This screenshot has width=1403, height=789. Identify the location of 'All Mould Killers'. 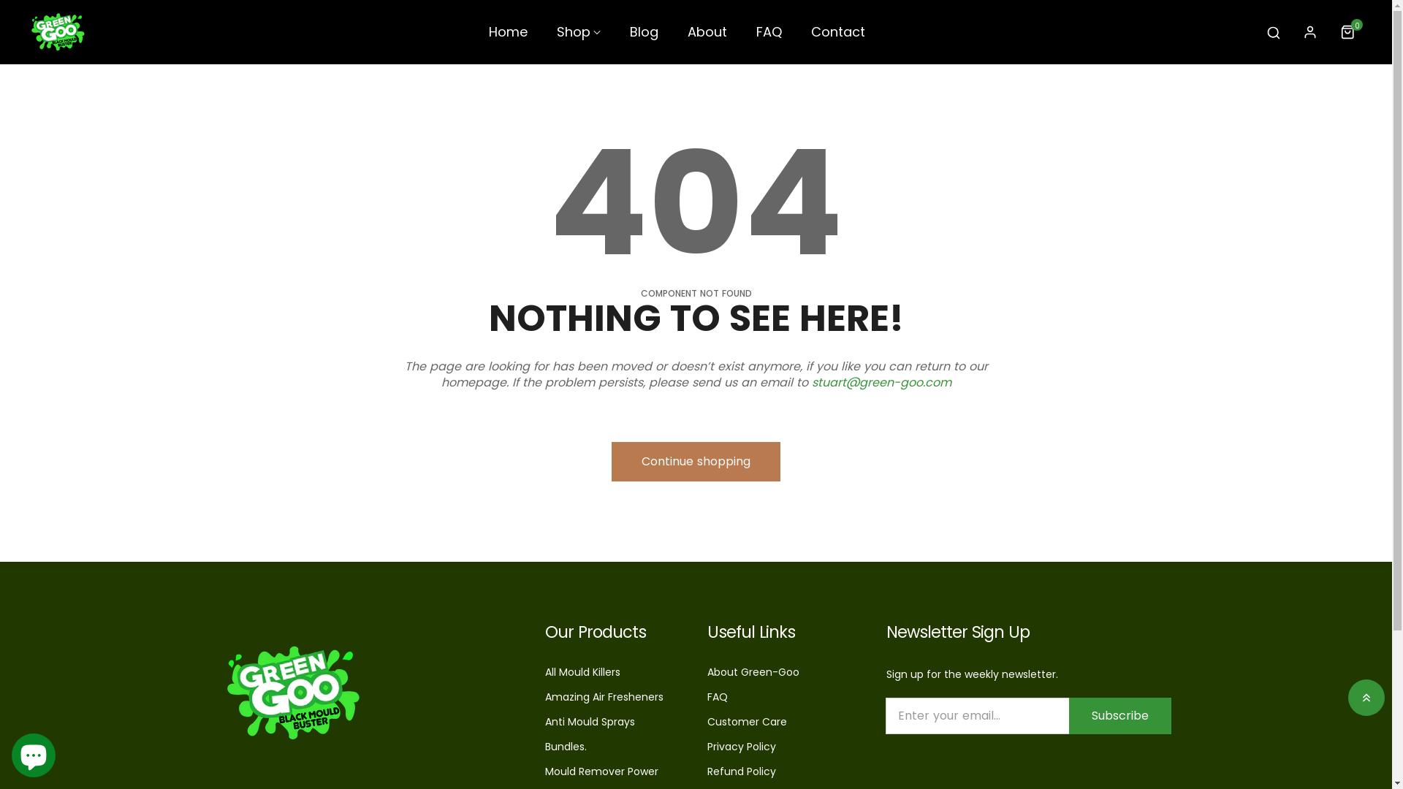
(582, 672).